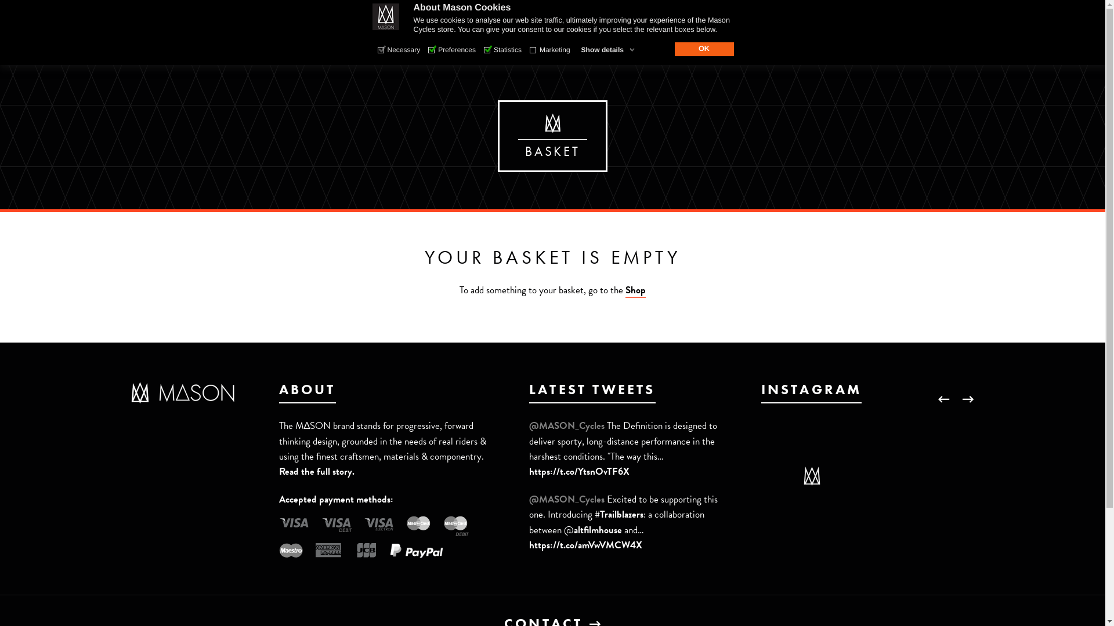 This screenshot has width=1114, height=626. What do you see at coordinates (607, 49) in the screenshot?
I see `'Show details'` at bounding box center [607, 49].